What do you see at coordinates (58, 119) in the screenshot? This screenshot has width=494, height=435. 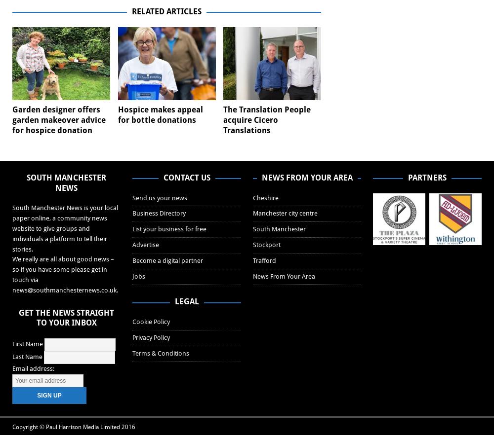 I see `'Garden designer offers garden makeover advice for hospice donation'` at bounding box center [58, 119].